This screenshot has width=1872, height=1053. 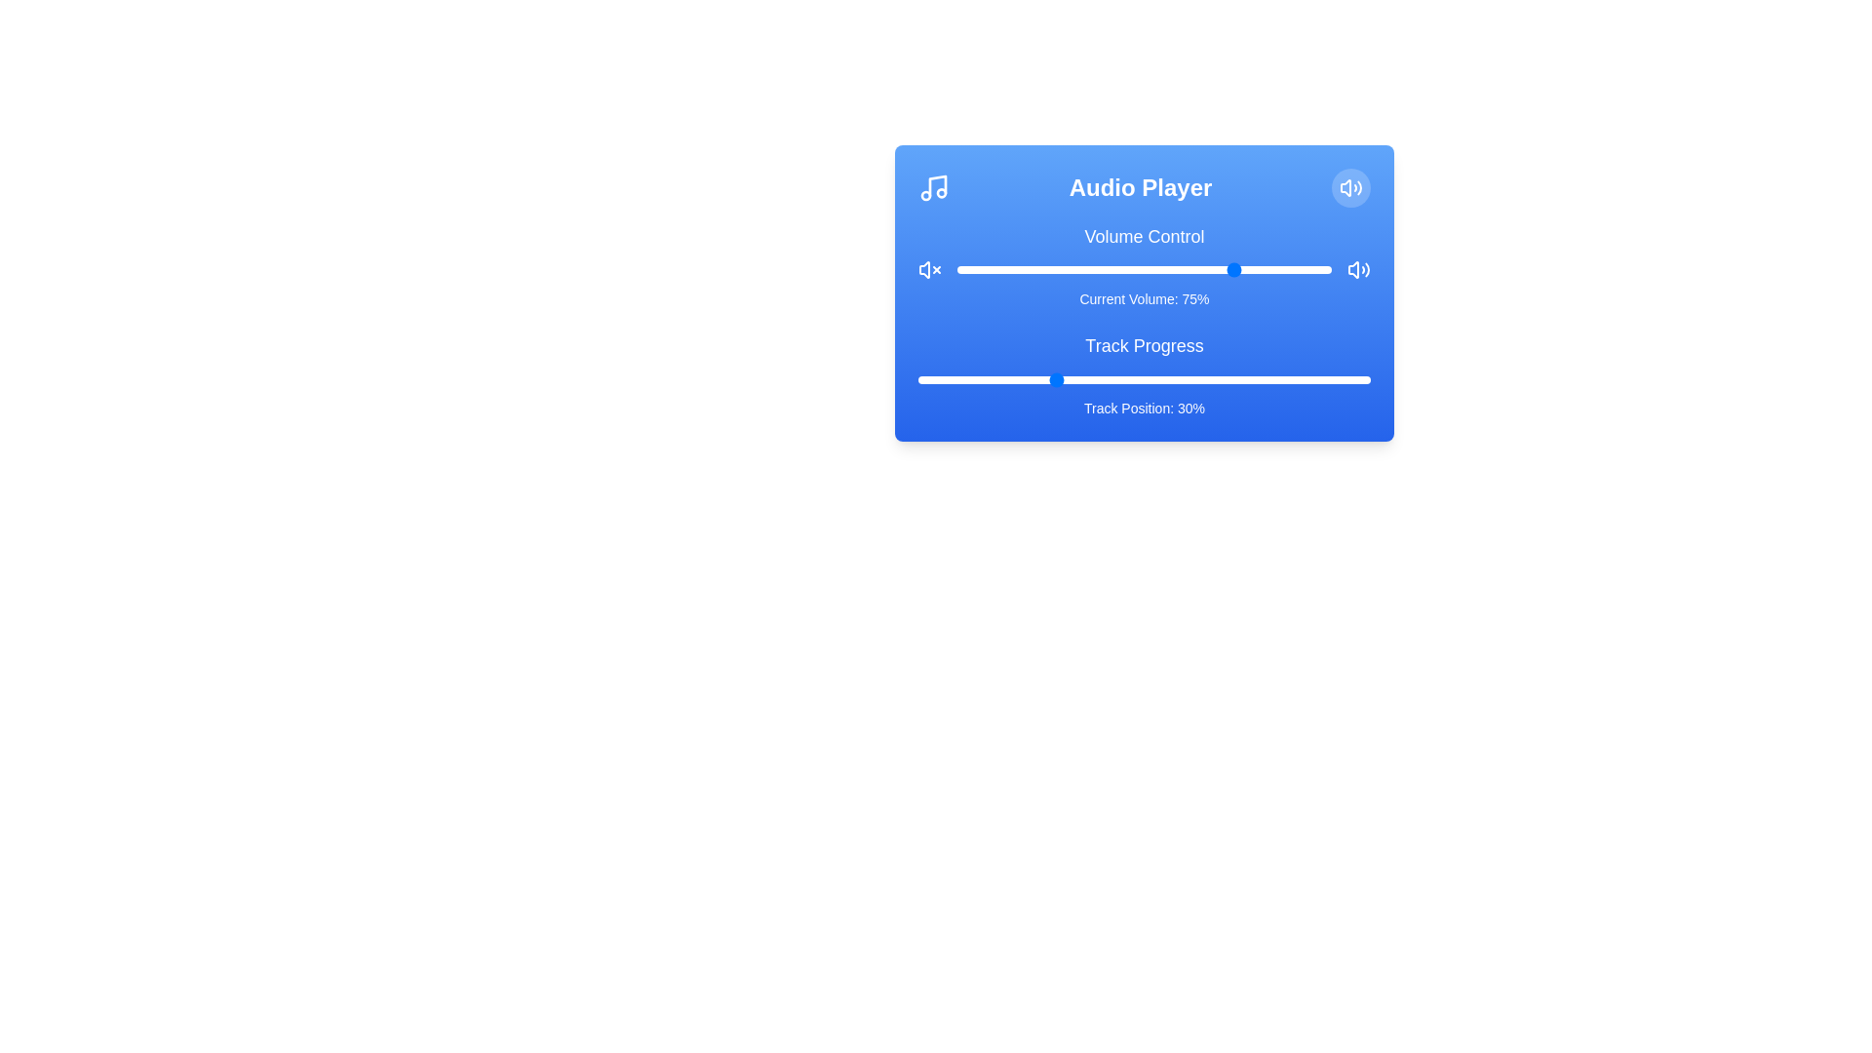 What do you see at coordinates (1141, 187) in the screenshot?
I see `the text label indicating 'Audio Player', which serves as the title for the interface` at bounding box center [1141, 187].